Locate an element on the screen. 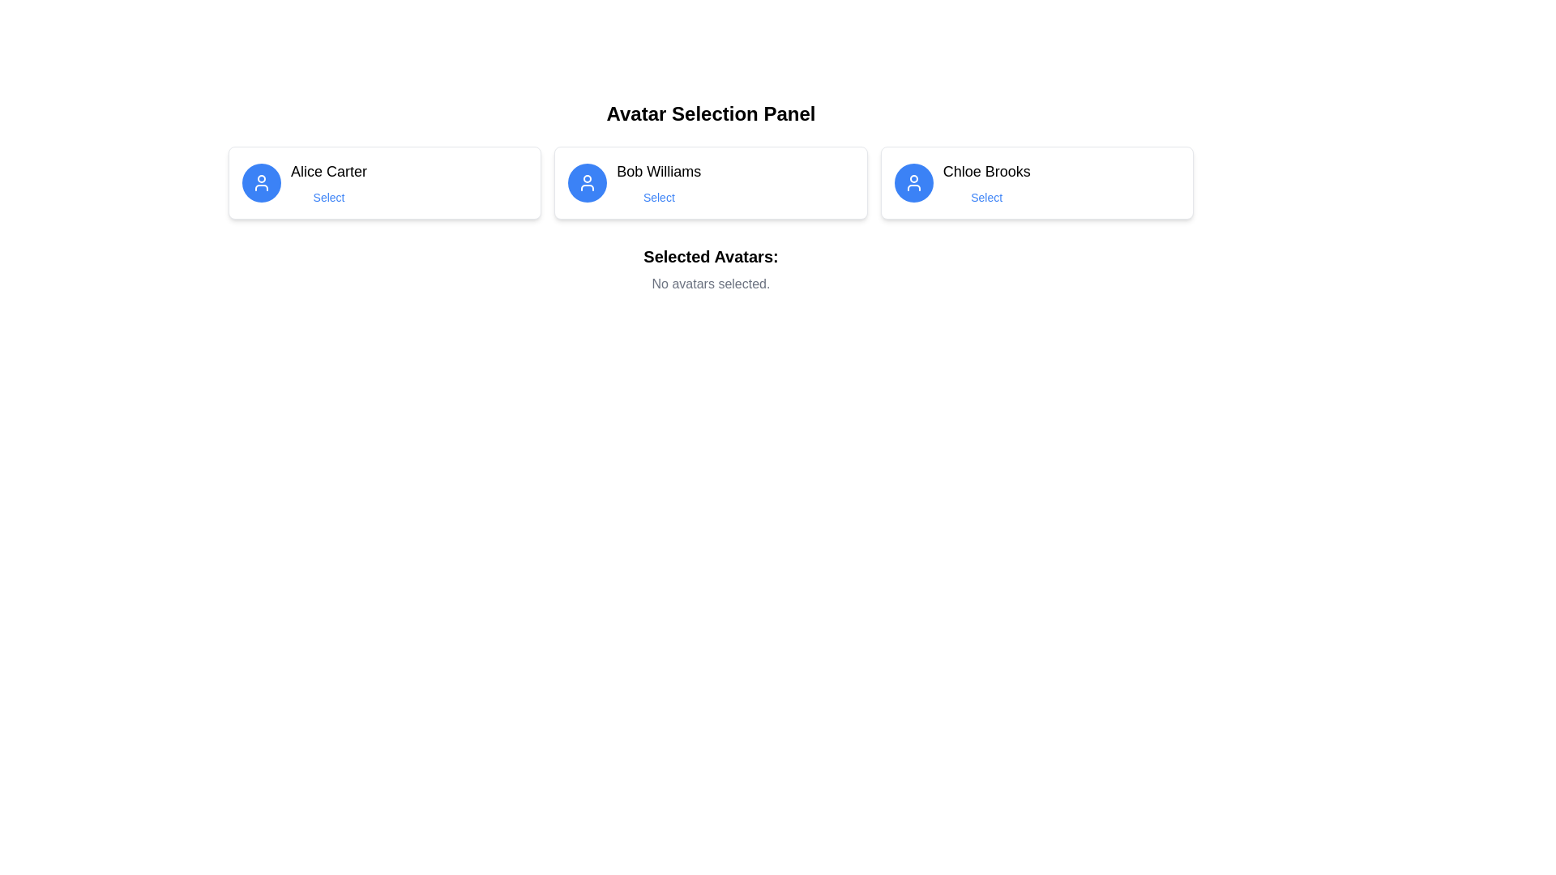 This screenshot has width=1556, height=875. the 'Select' hyperlink related to the label 'Bob Williams' which is displayed in bold at the top of the composite UI element is located at coordinates (659, 182).